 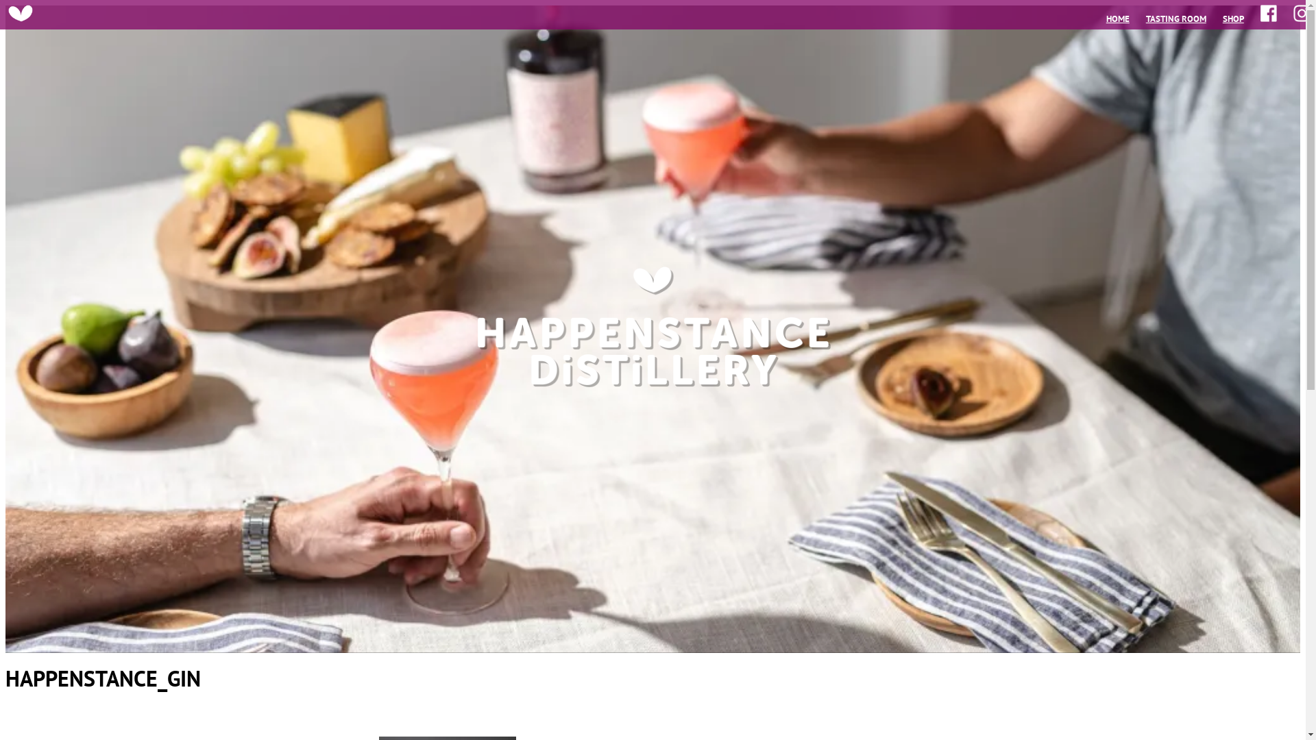 What do you see at coordinates (5, 5) in the screenshot?
I see `'Skip to content'` at bounding box center [5, 5].